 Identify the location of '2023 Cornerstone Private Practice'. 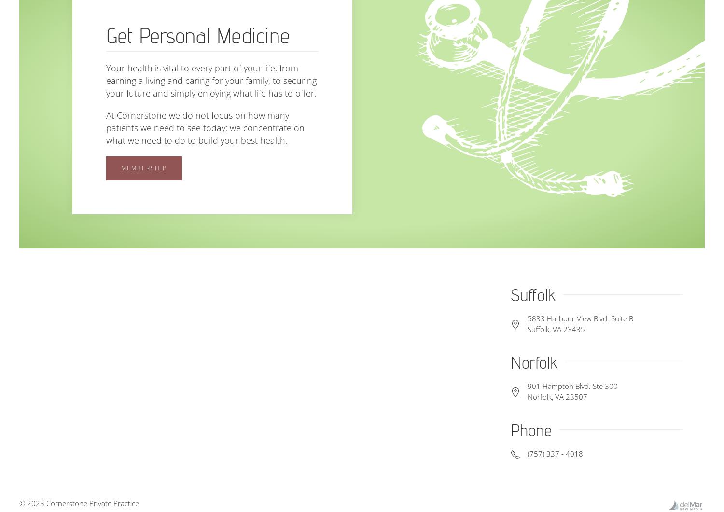
(83, 502).